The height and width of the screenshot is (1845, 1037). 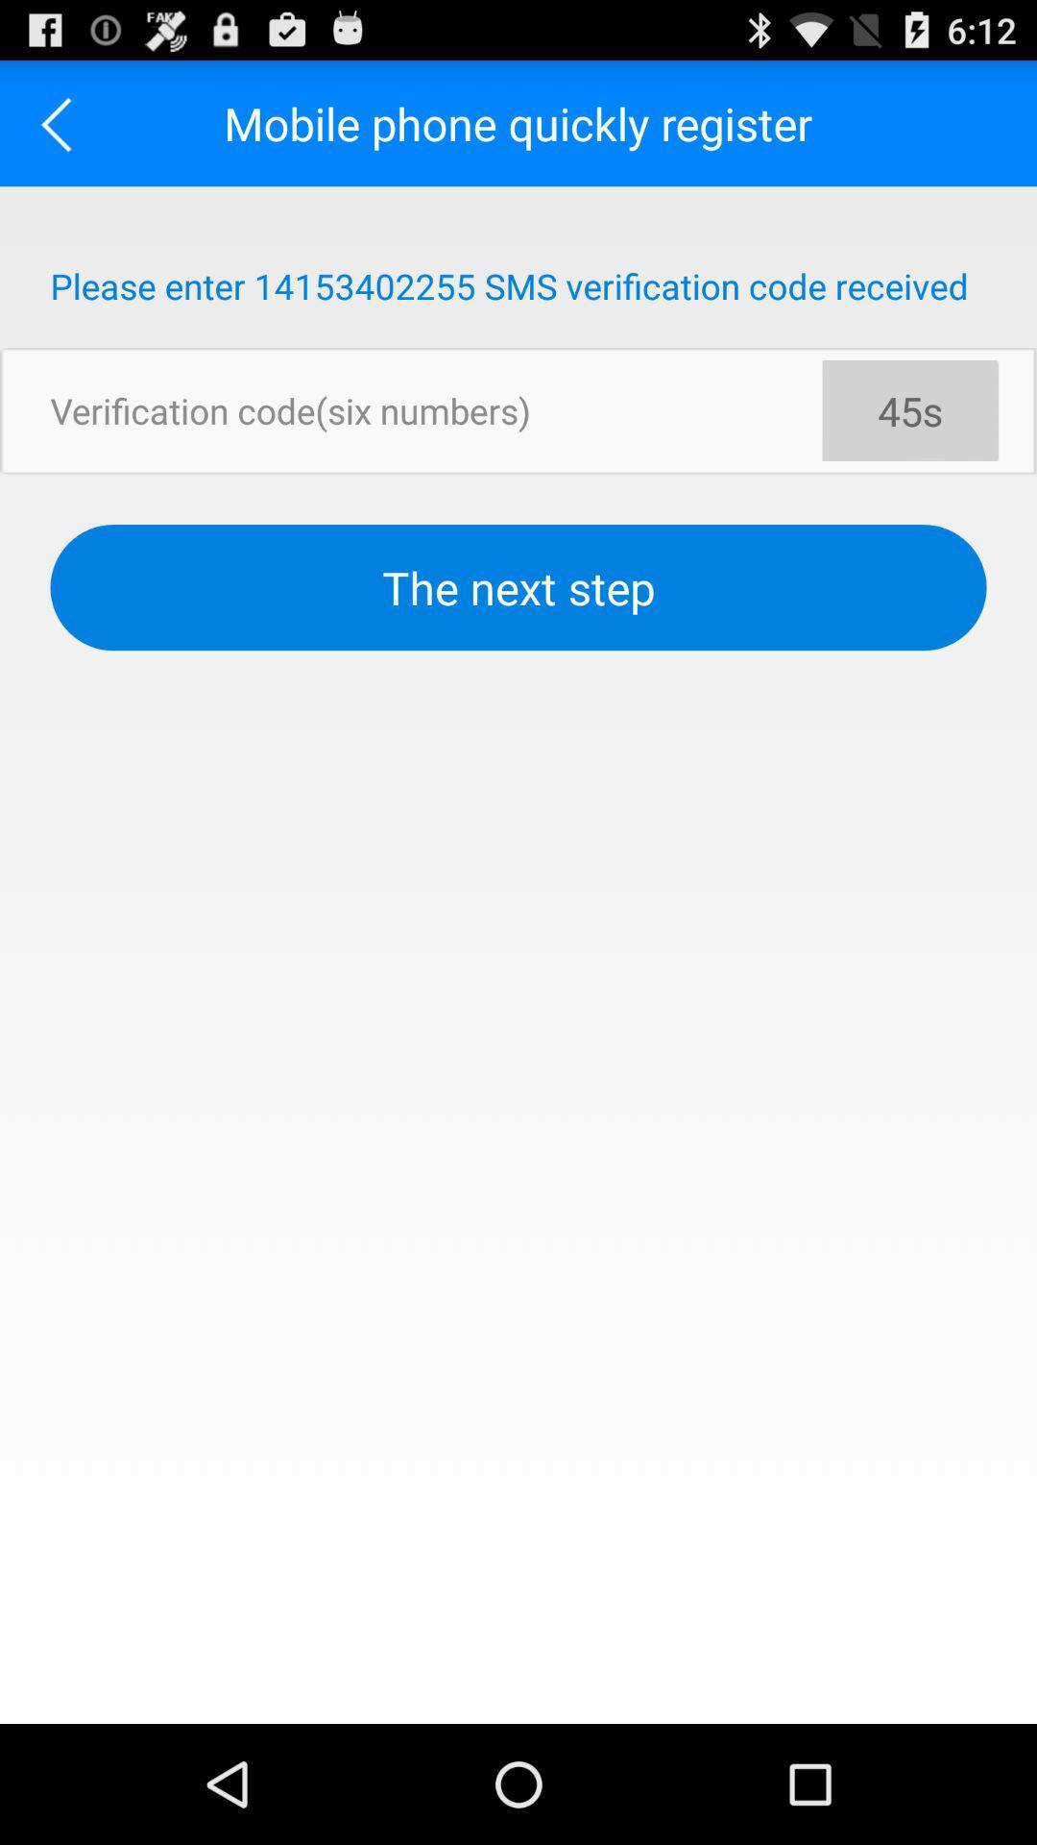 I want to click on go back, so click(x=61, y=122).